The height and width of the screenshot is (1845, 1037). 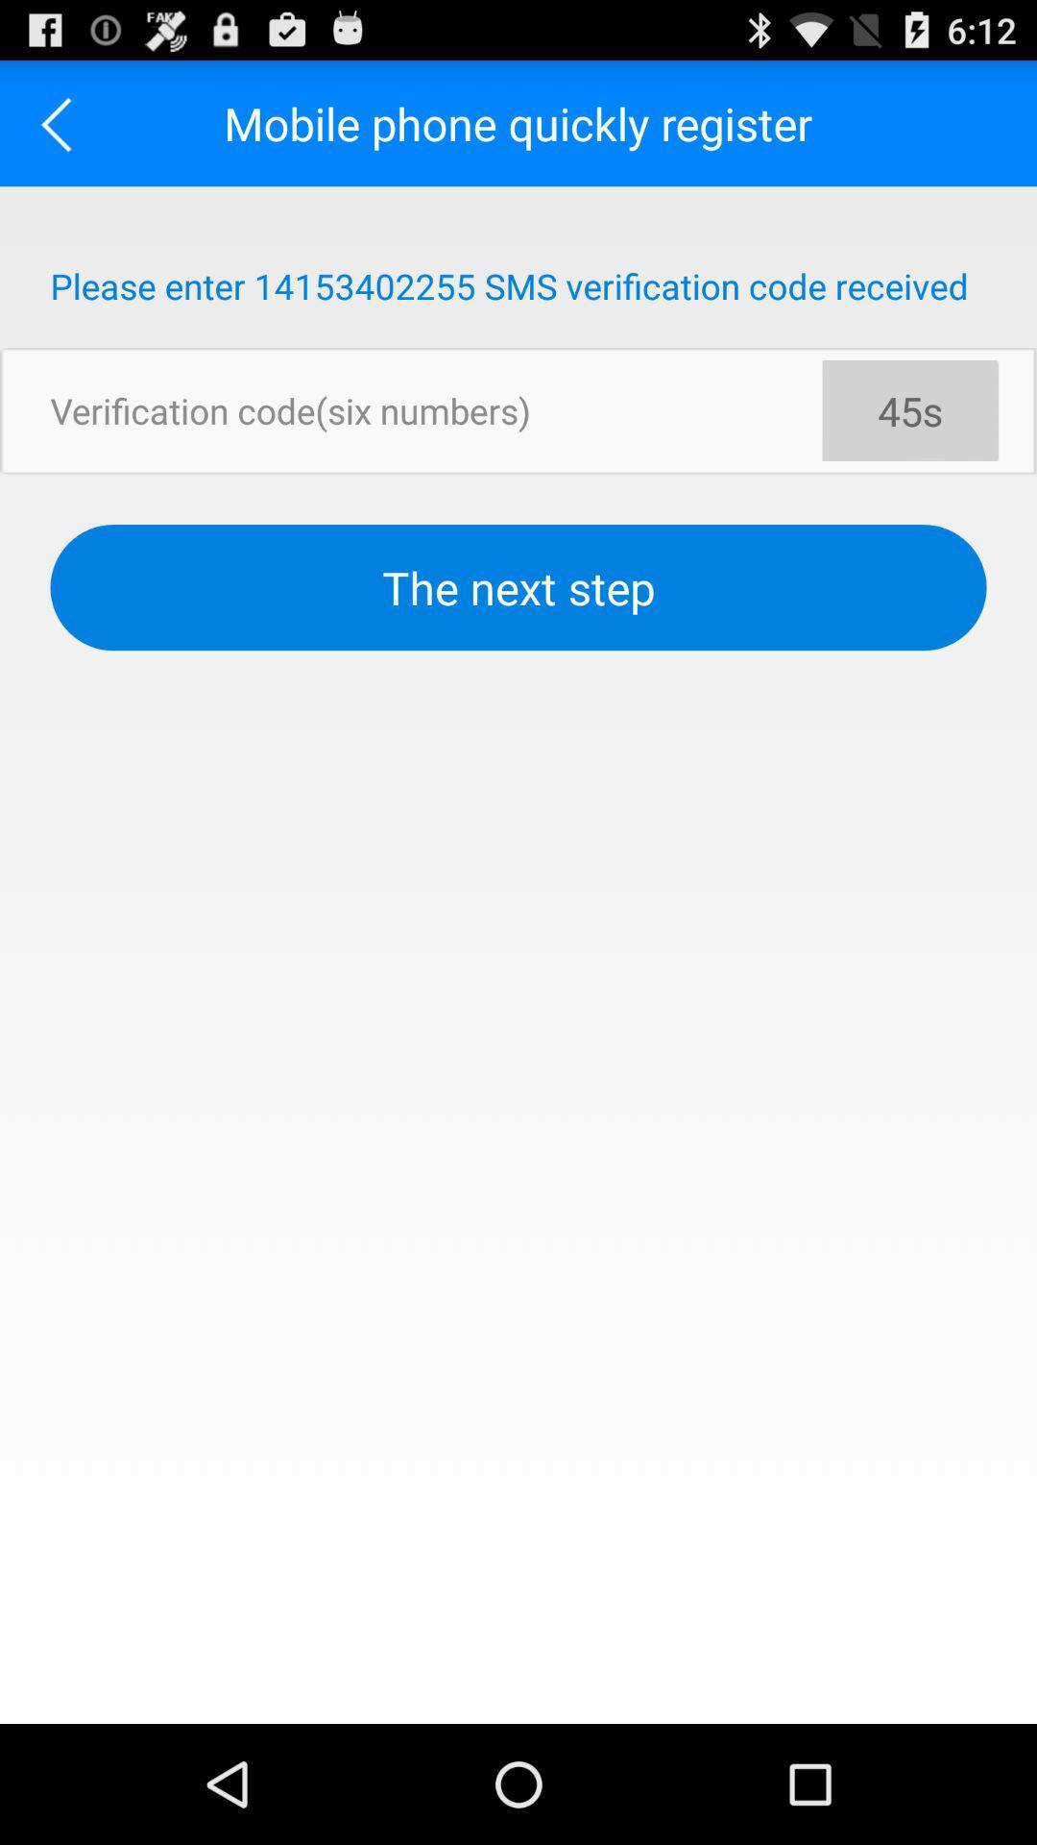 I want to click on go back, so click(x=61, y=122).